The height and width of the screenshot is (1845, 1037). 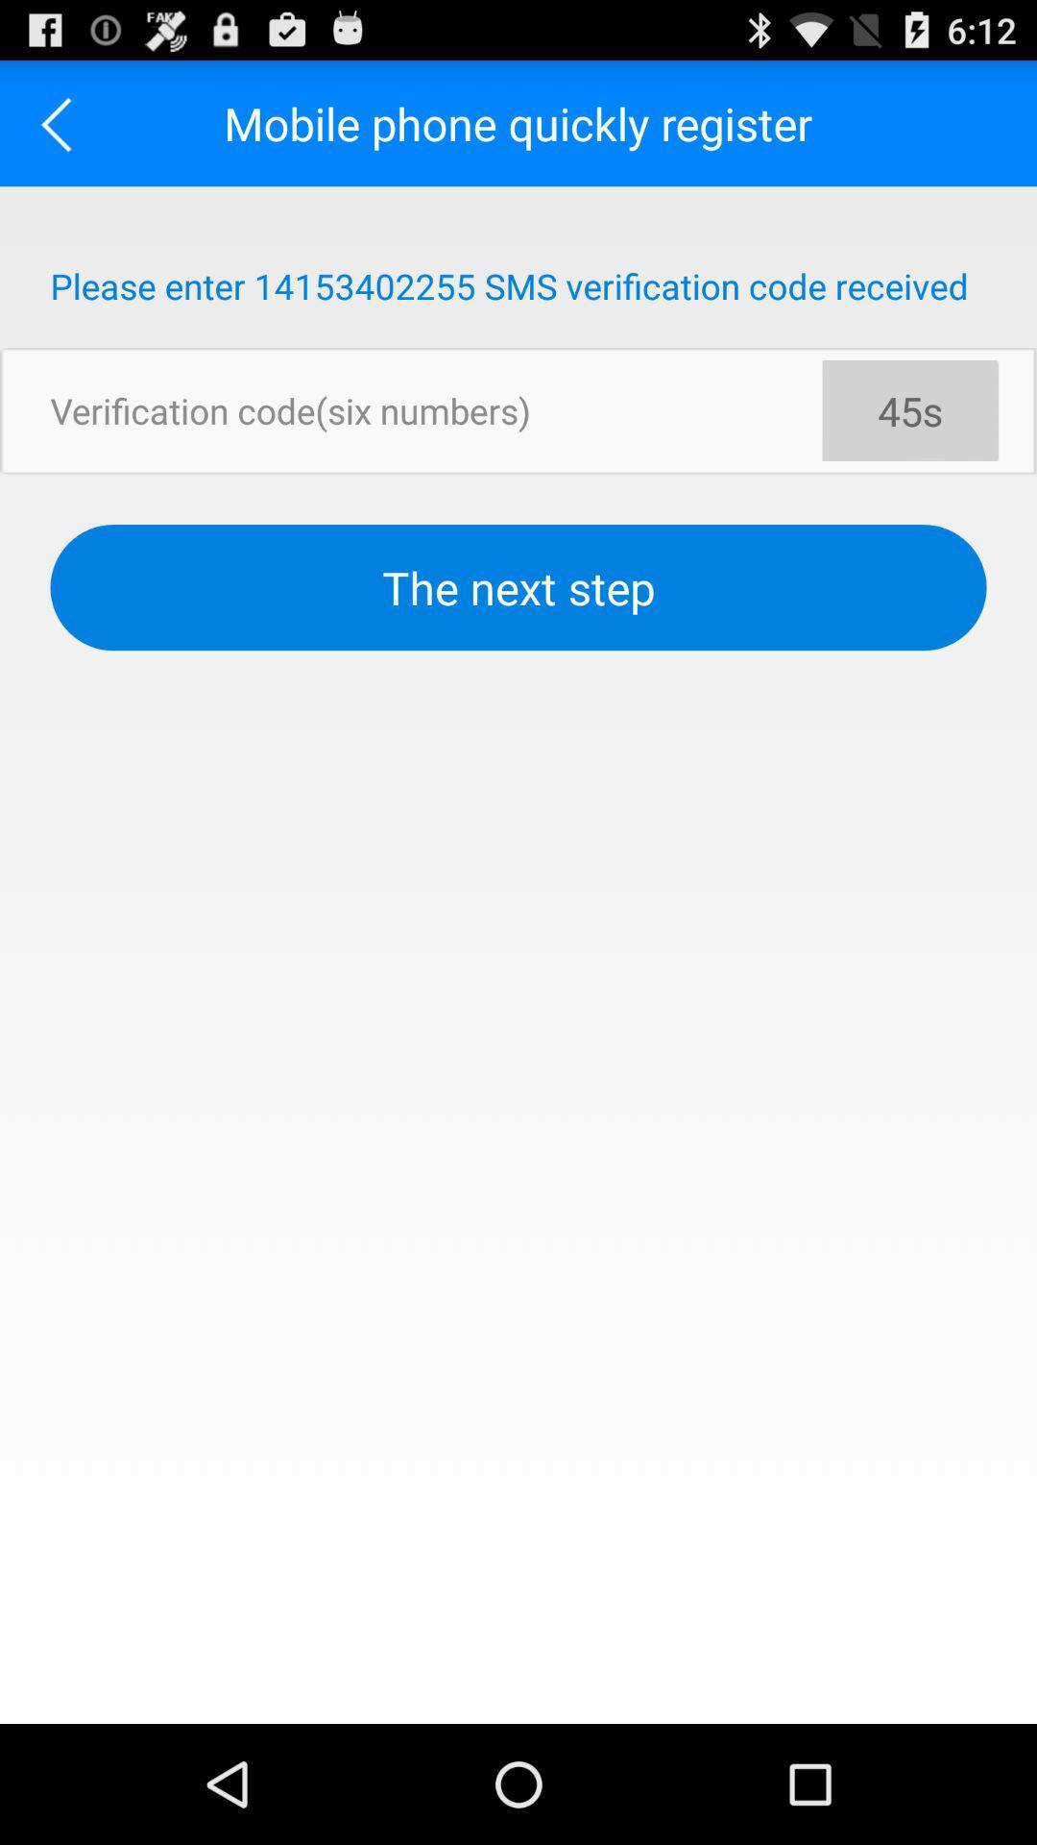 I want to click on go back, so click(x=61, y=122).